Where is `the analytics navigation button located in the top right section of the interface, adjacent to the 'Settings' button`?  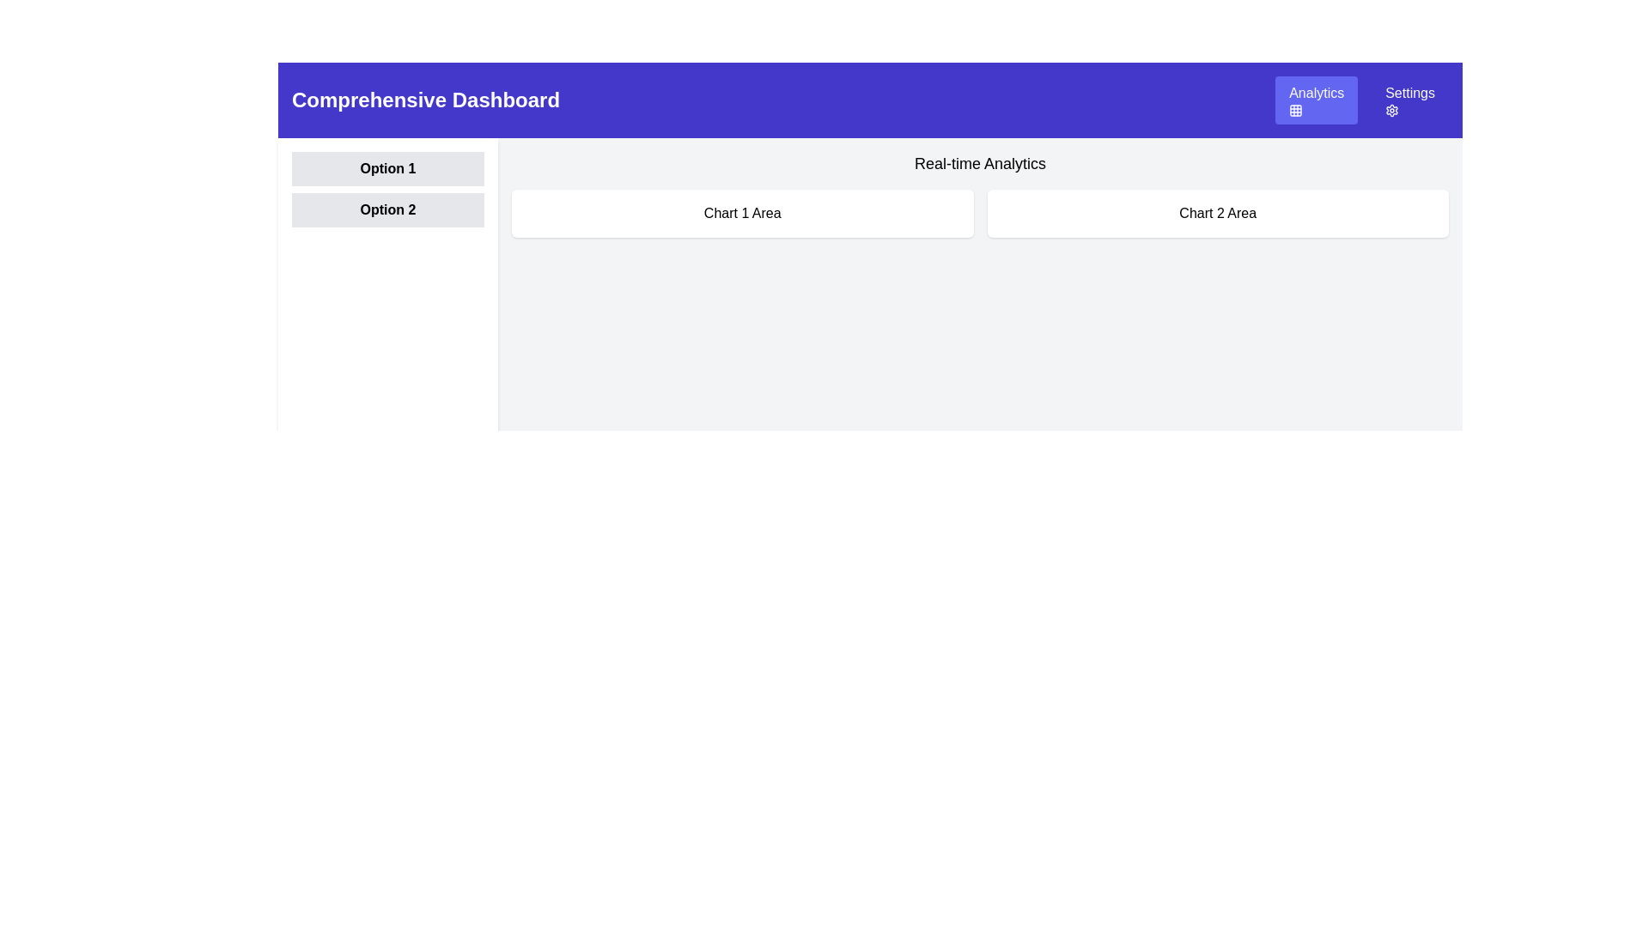
the analytics navigation button located in the top right section of the interface, adjacent to the 'Settings' button is located at coordinates (1316, 100).